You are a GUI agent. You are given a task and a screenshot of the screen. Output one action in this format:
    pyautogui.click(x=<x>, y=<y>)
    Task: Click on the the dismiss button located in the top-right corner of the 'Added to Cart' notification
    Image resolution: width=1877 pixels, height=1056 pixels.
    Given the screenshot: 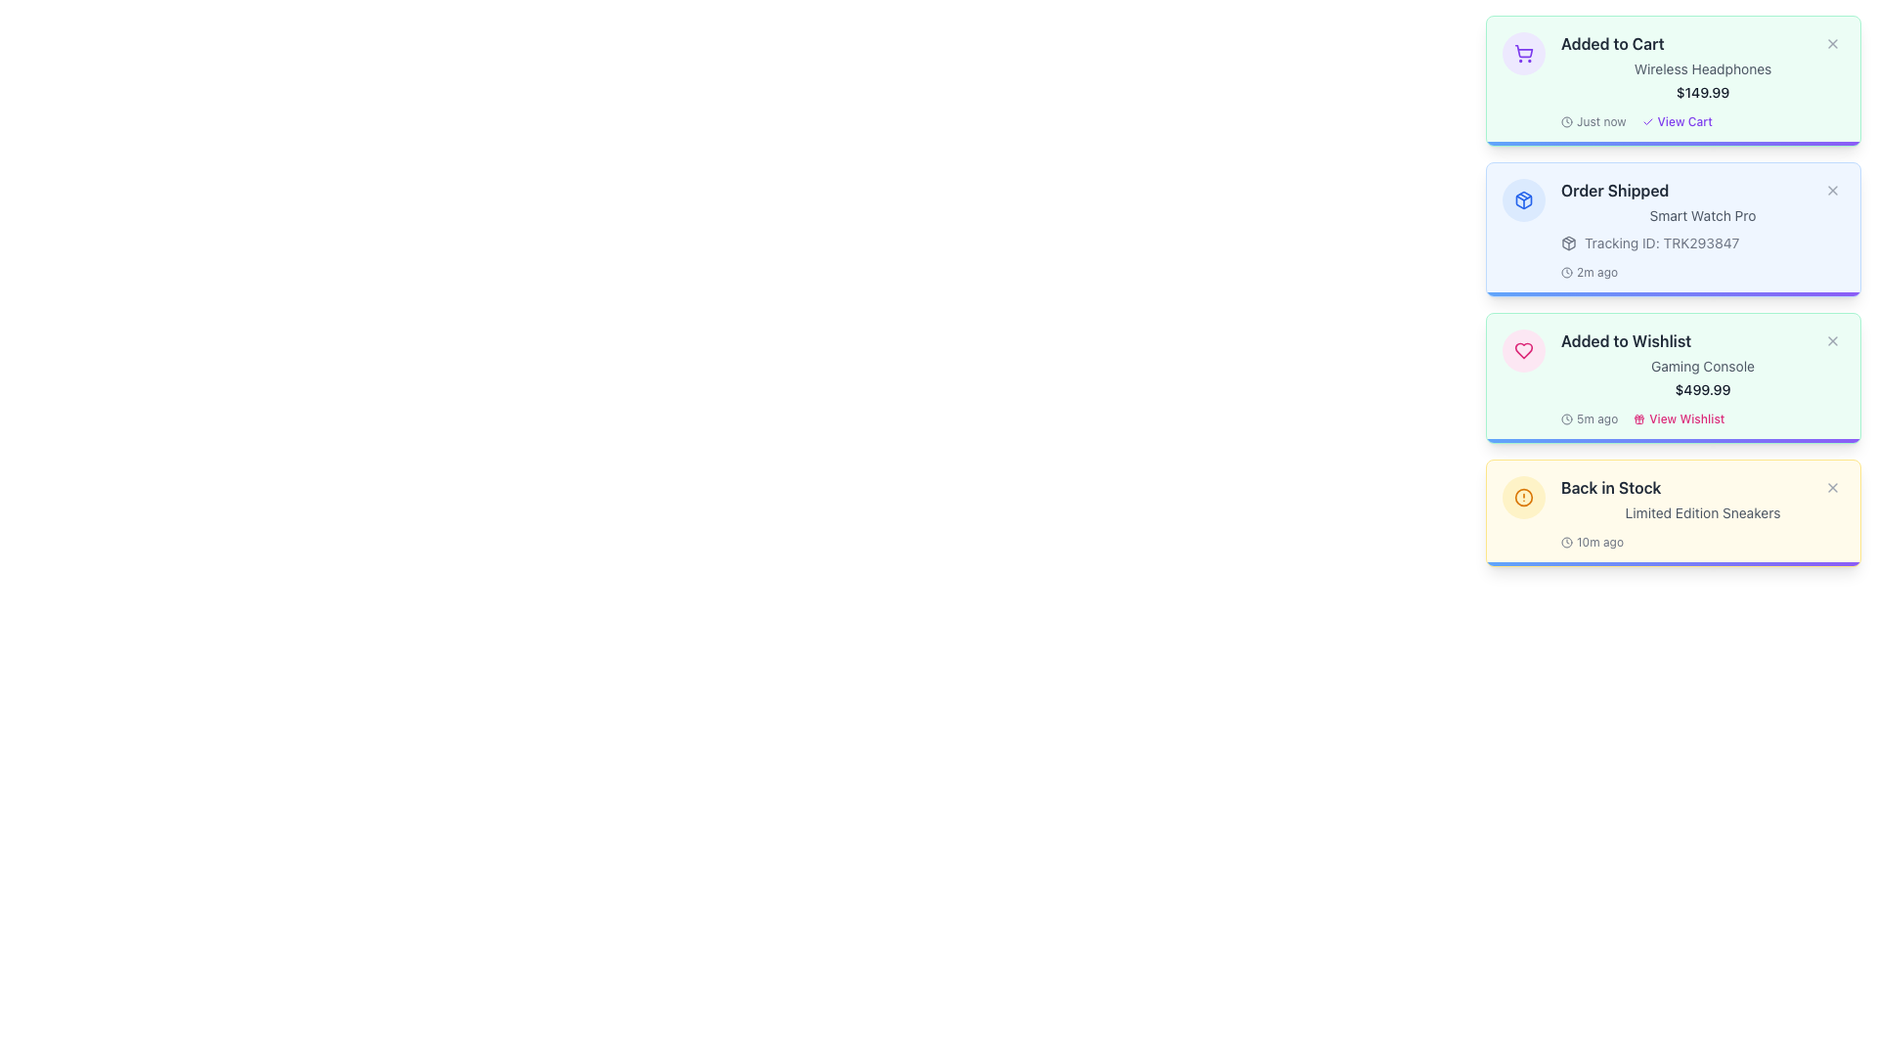 What is the action you would take?
    pyautogui.click(x=1832, y=44)
    